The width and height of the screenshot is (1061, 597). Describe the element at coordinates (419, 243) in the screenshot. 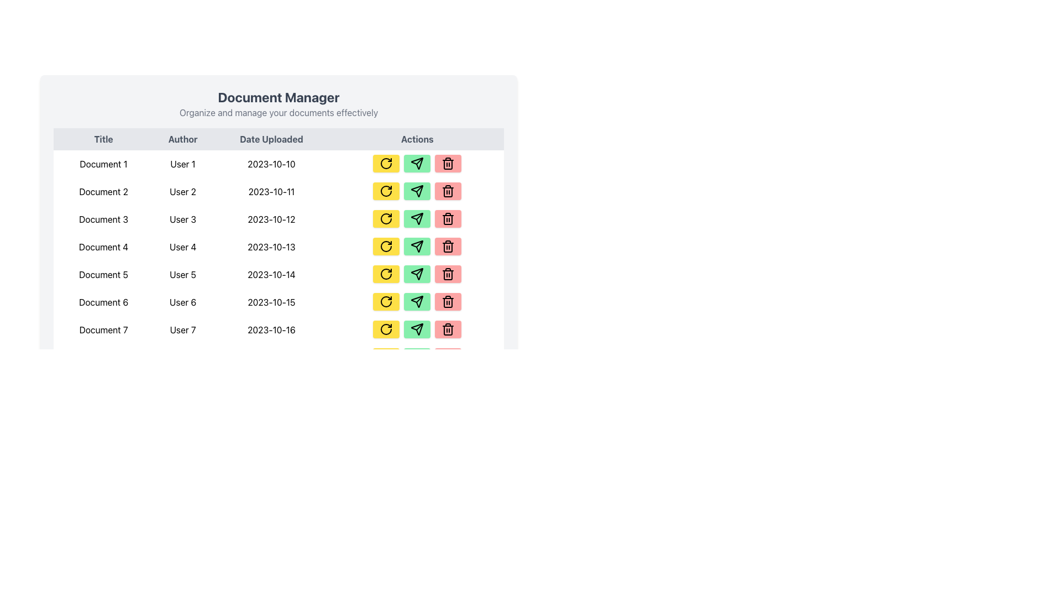

I see `the send icon located in the Actions column of the fourth row corresponding to Document 4` at that location.